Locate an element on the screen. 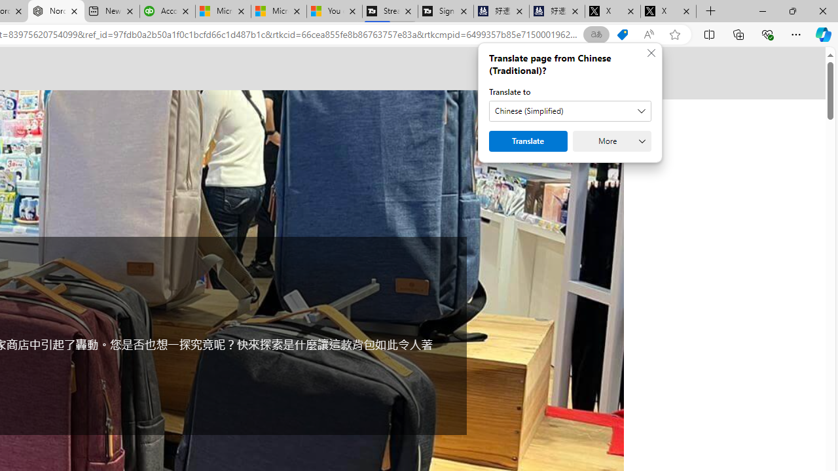 Image resolution: width=838 pixels, height=471 pixels. 'This site has coupons! Shopping in Microsoft Edge' is located at coordinates (622, 34).